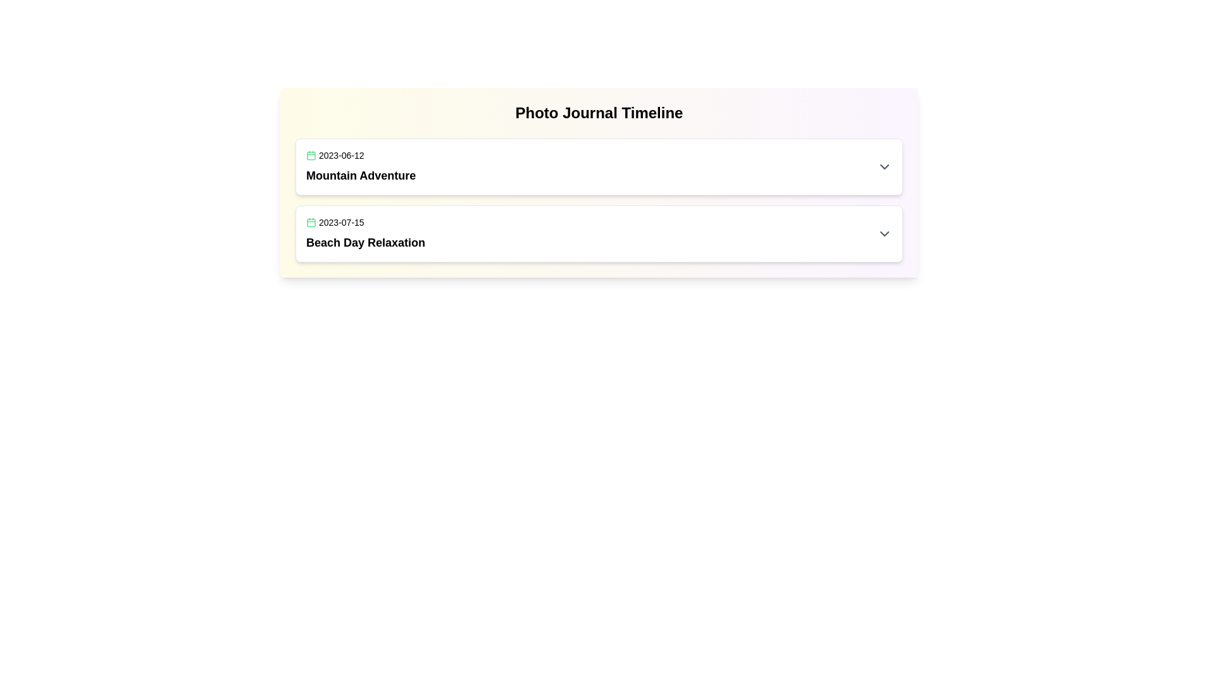 Image resolution: width=1215 pixels, height=683 pixels. Describe the element at coordinates (883, 166) in the screenshot. I see `the downward-facing chevron icon of the Dropdown toggle button located on the right side of the UI section displaying the date '2023-06-12' and the title 'Mountain Adventure'` at that location.